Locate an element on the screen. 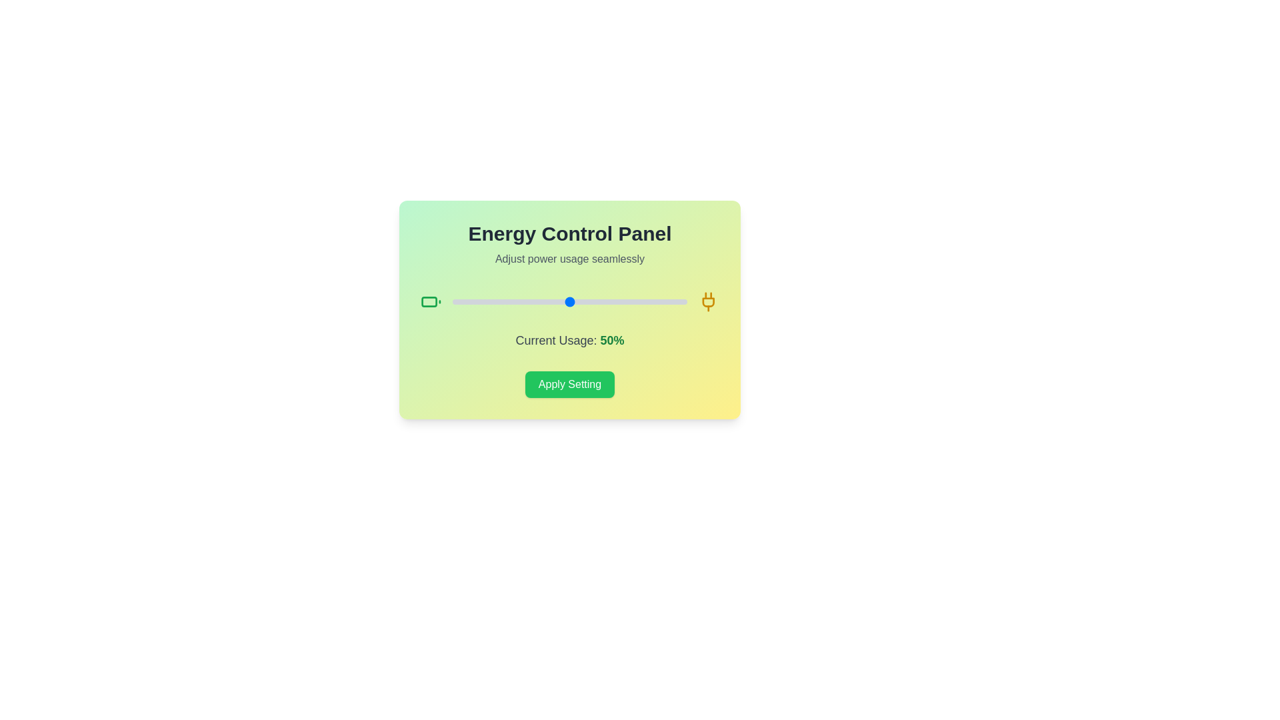  the slider is located at coordinates (666, 301).